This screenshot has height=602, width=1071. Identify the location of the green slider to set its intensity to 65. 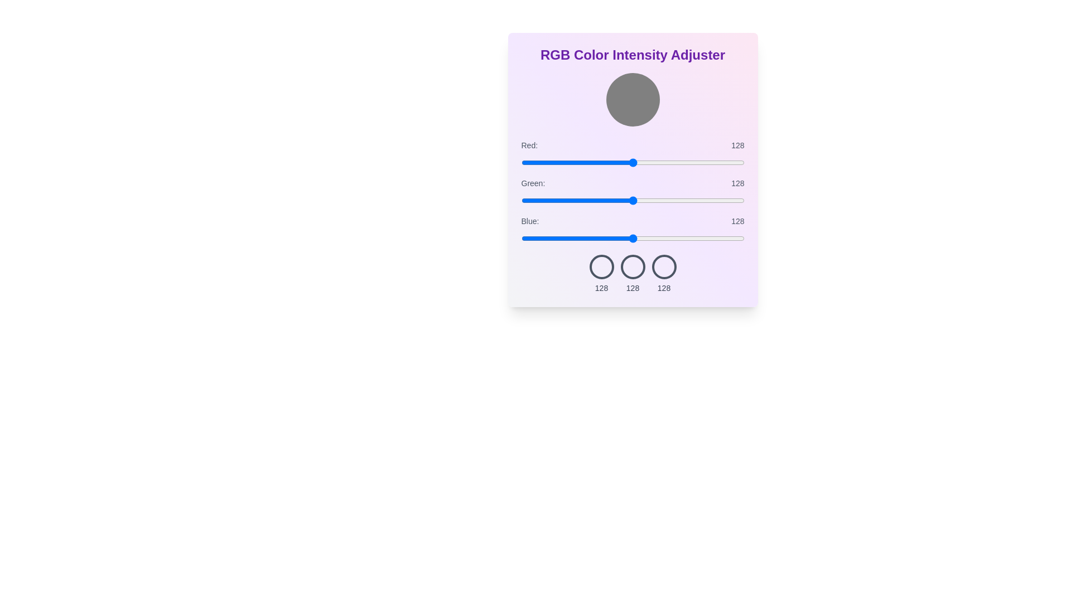
(578, 200).